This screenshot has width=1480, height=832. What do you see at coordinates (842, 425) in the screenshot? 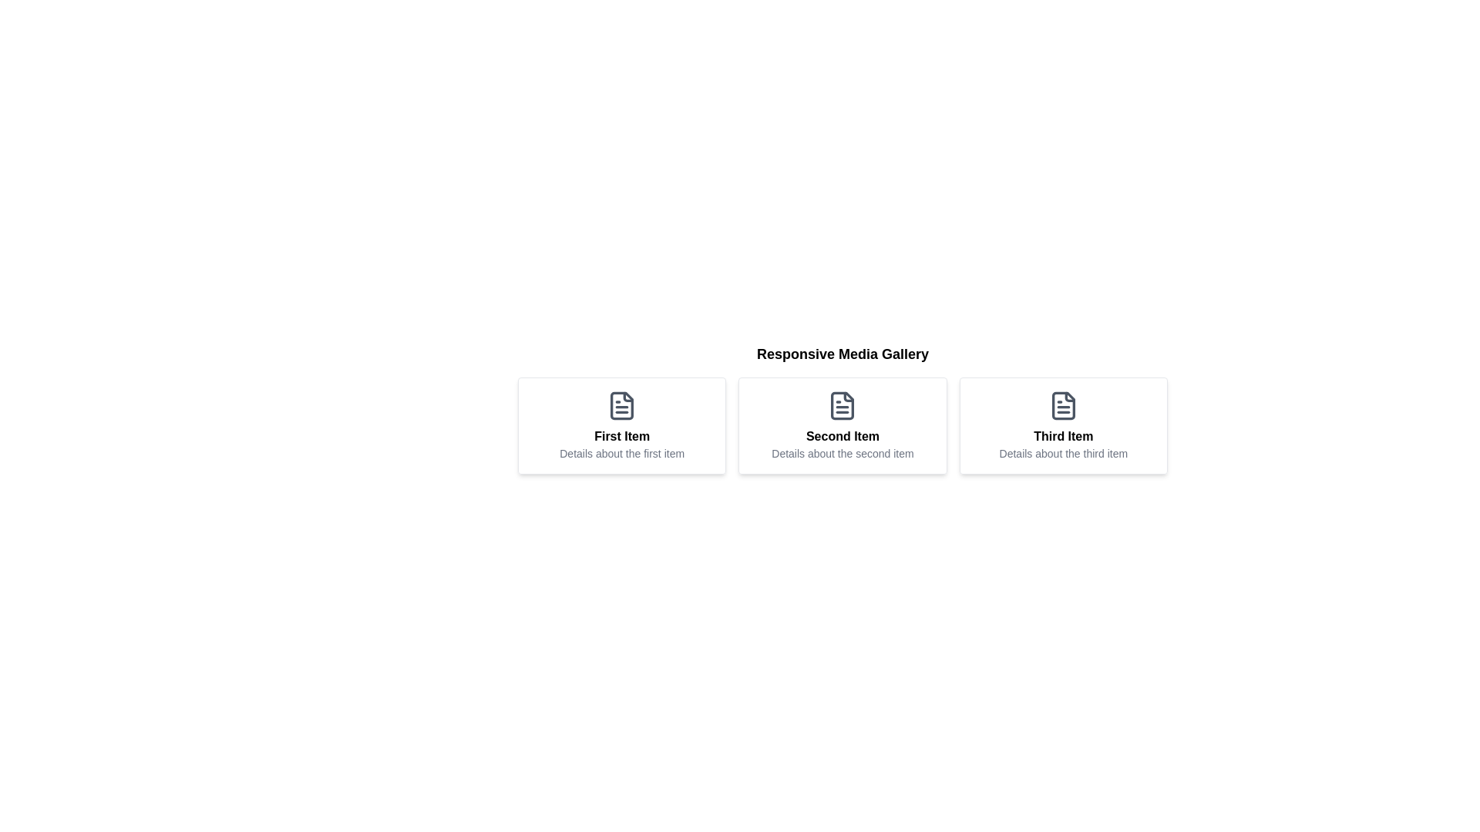
I see `the Information card that features a document icon at the top center, with bold text reading 'Second Item' and additional details below it, positioned centrally between the other items in a grid layout` at bounding box center [842, 425].